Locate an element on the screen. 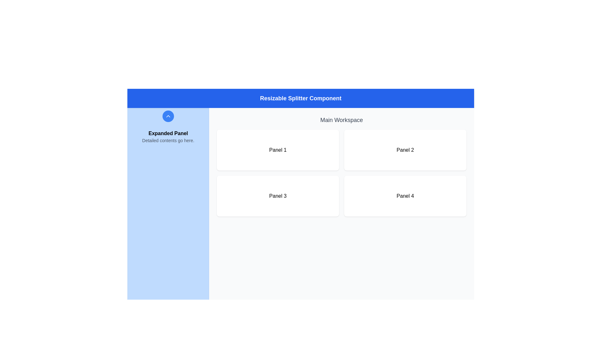 The width and height of the screenshot is (613, 345). the static text label or header that serves as the title 'Resizable Splitter Component', positioned at the topmost part of the interface above the 'Expanded Panel' and 'Main Workspace' sections is located at coordinates (300, 98).